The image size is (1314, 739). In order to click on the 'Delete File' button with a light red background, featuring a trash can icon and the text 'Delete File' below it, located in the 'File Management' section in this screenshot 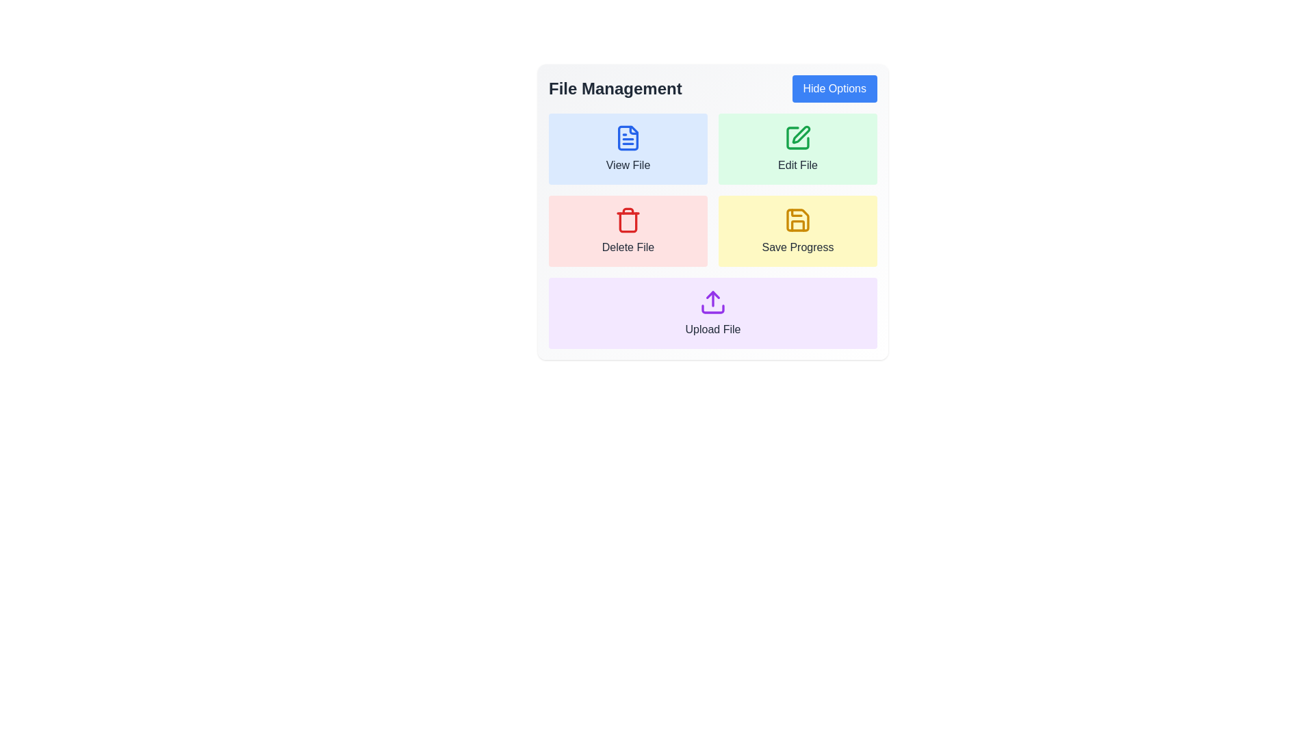, I will do `click(627, 231)`.